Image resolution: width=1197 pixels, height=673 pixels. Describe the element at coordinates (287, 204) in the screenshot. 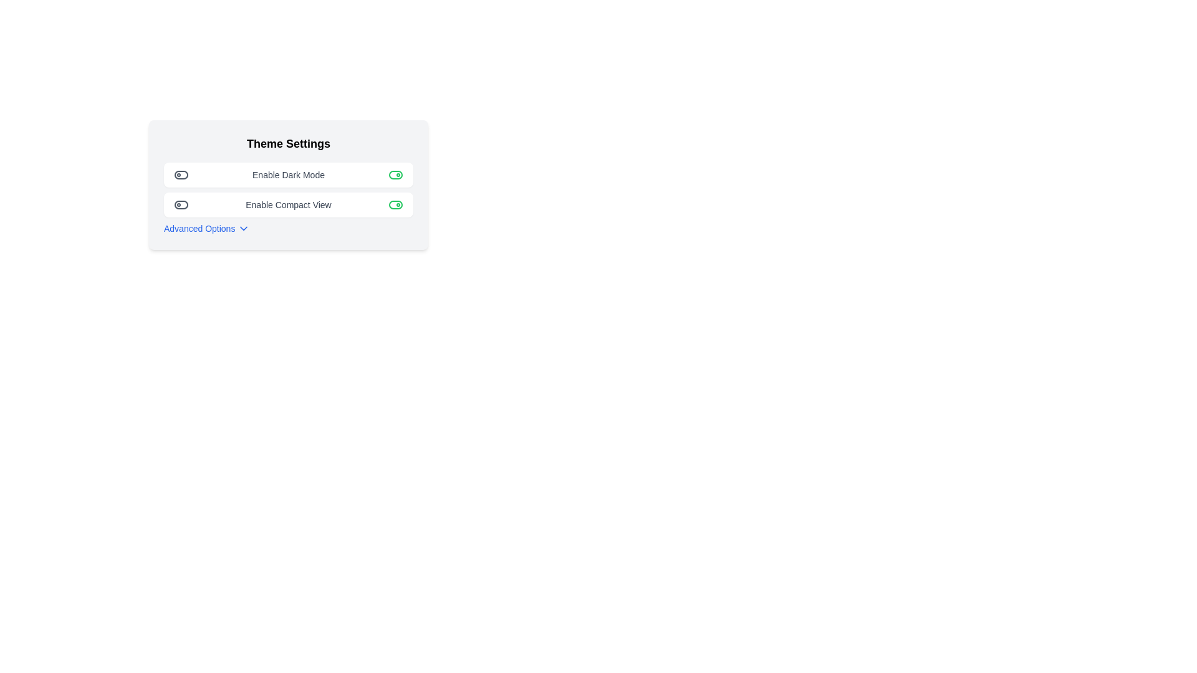

I see `label 'Enable Compact View' of the Toggle Switch located in the Theme Settings section, which is the second list item below 'Enable Dark Mode'` at that location.